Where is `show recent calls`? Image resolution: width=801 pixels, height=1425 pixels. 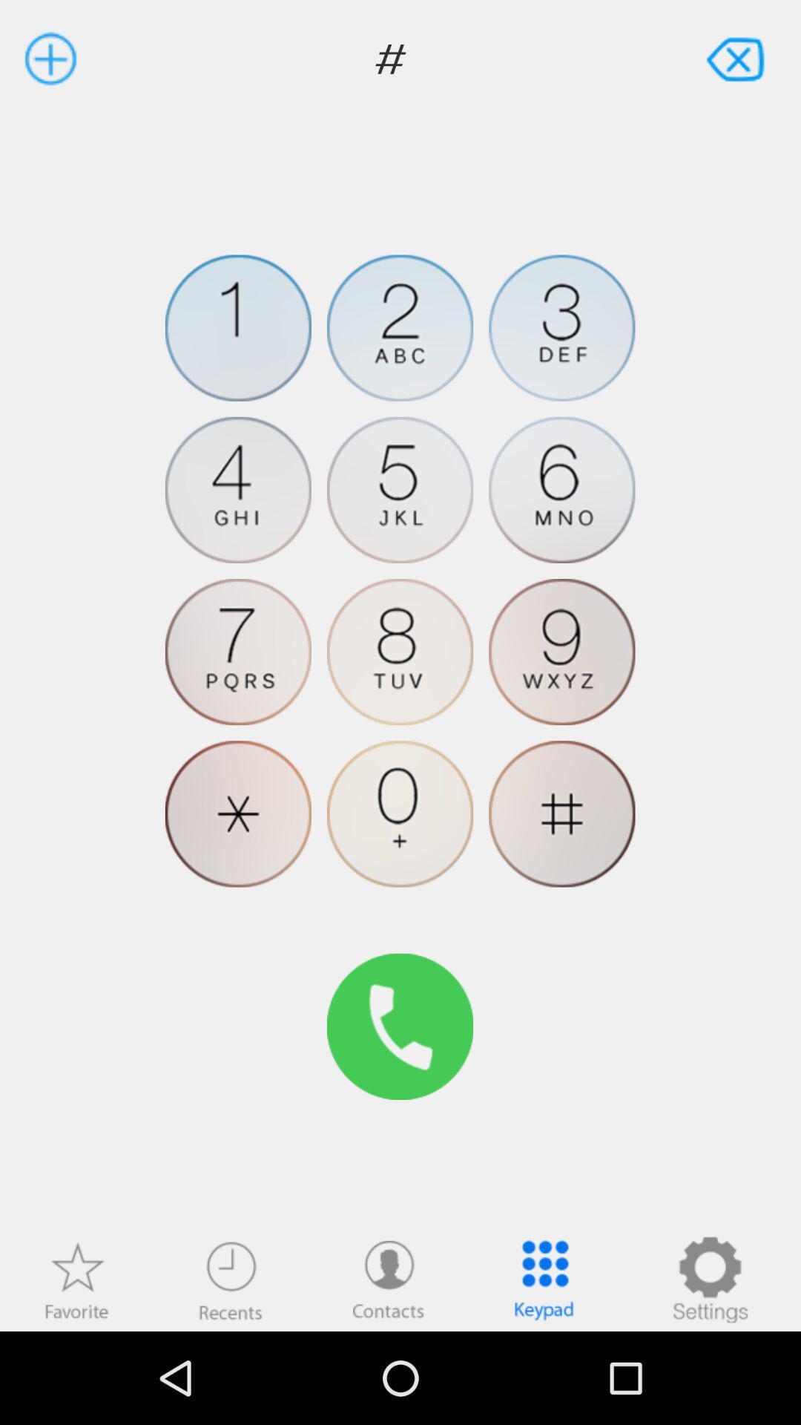 show recent calls is located at coordinates (231, 1279).